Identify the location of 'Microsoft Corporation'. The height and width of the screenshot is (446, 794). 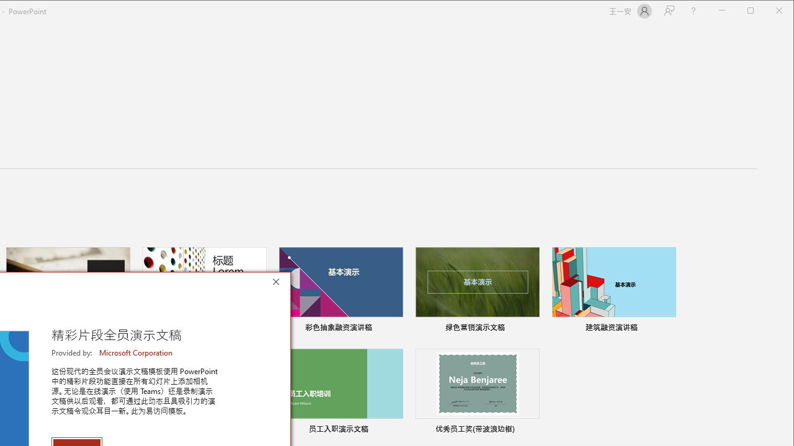
(136, 352).